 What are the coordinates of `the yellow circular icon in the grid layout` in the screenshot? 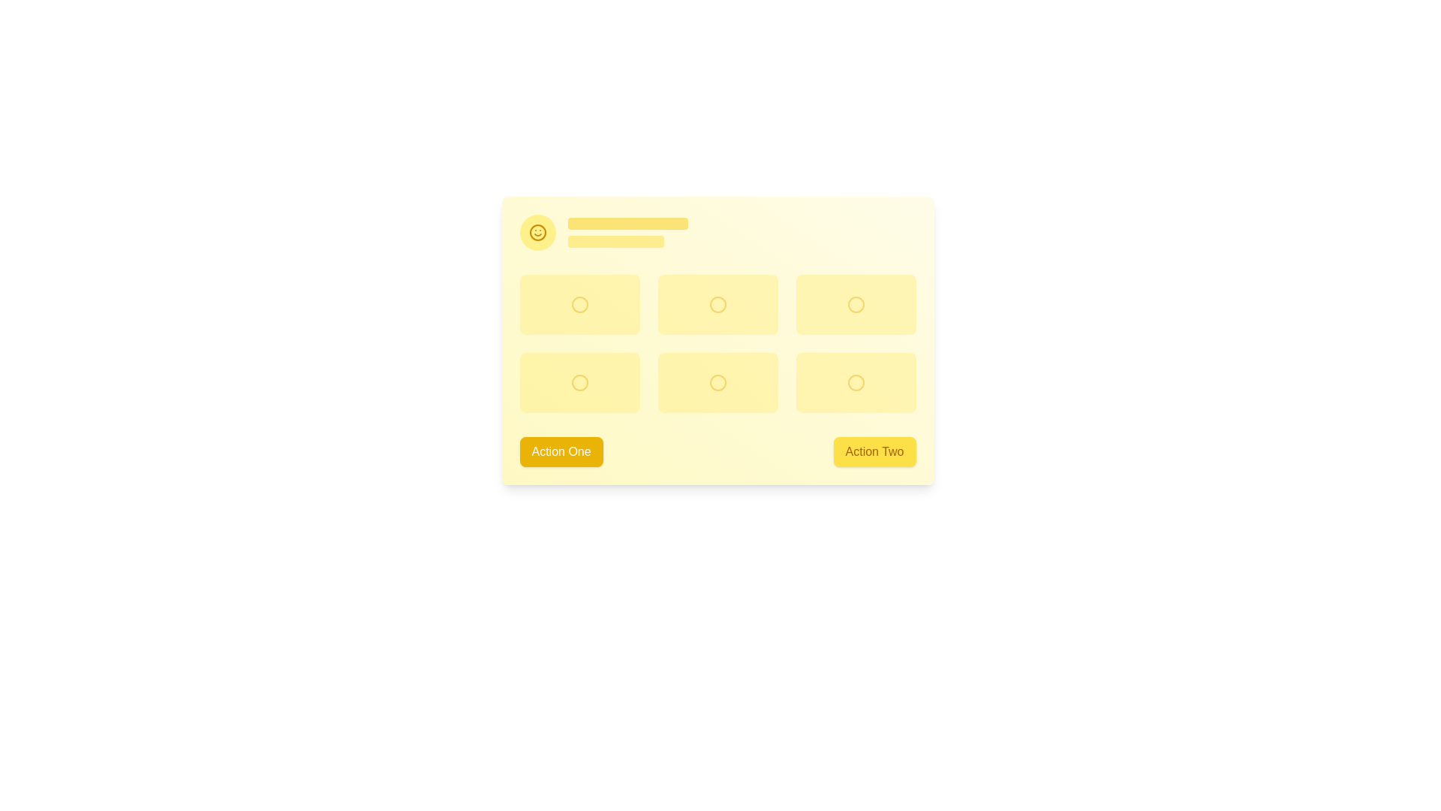 It's located at (717, 381).